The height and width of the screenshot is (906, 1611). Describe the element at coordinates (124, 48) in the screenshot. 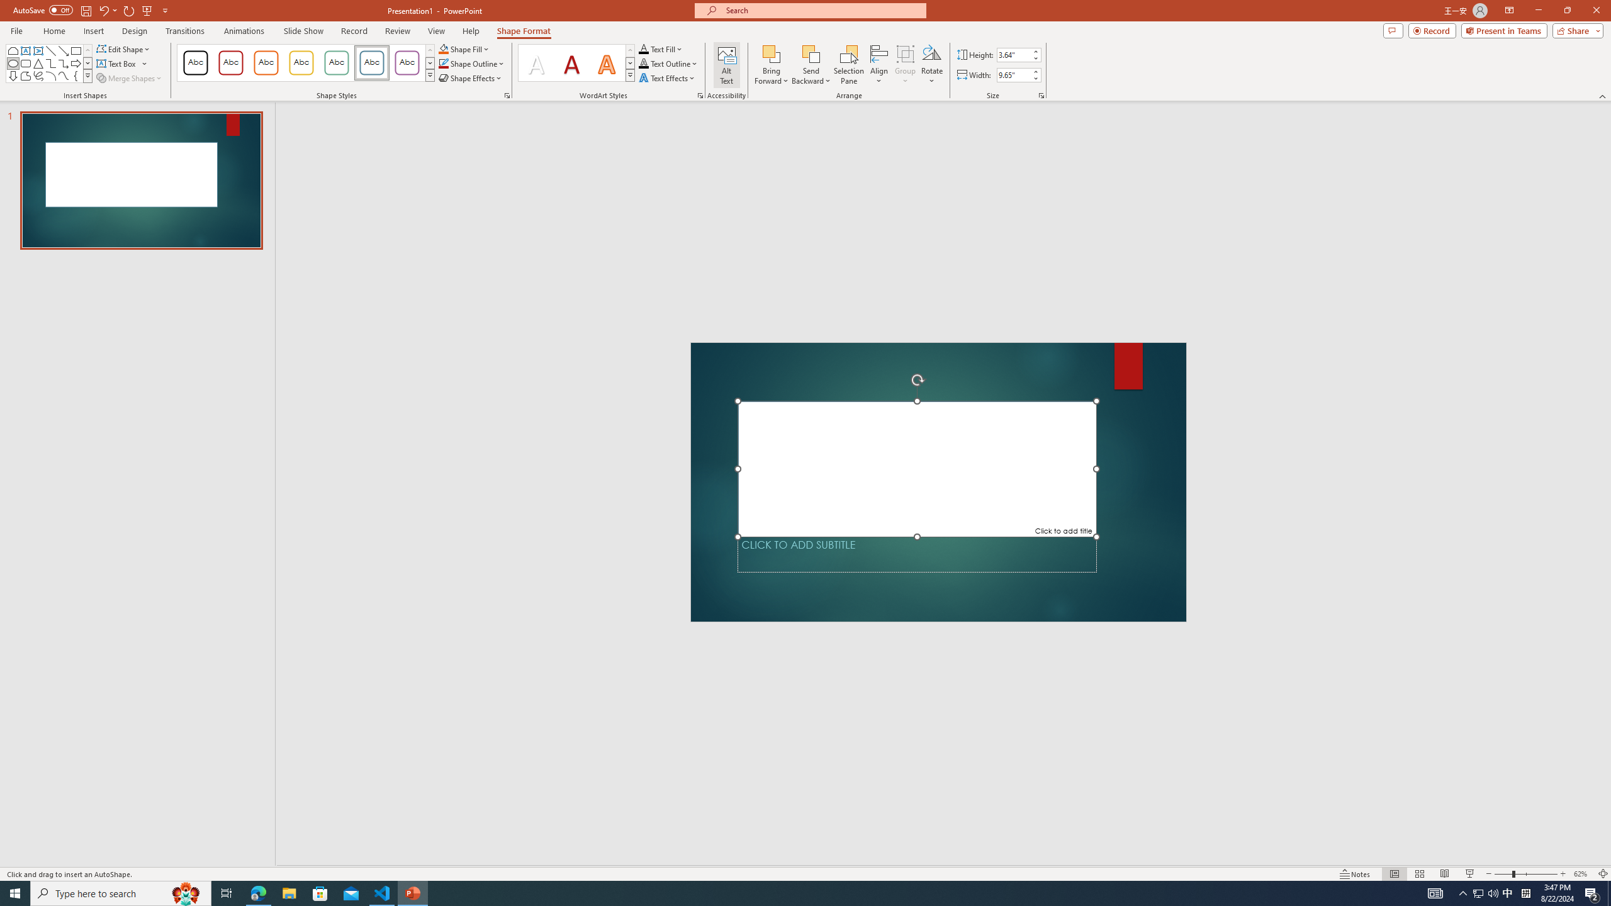

I see `'Edit Shape'` at that location.